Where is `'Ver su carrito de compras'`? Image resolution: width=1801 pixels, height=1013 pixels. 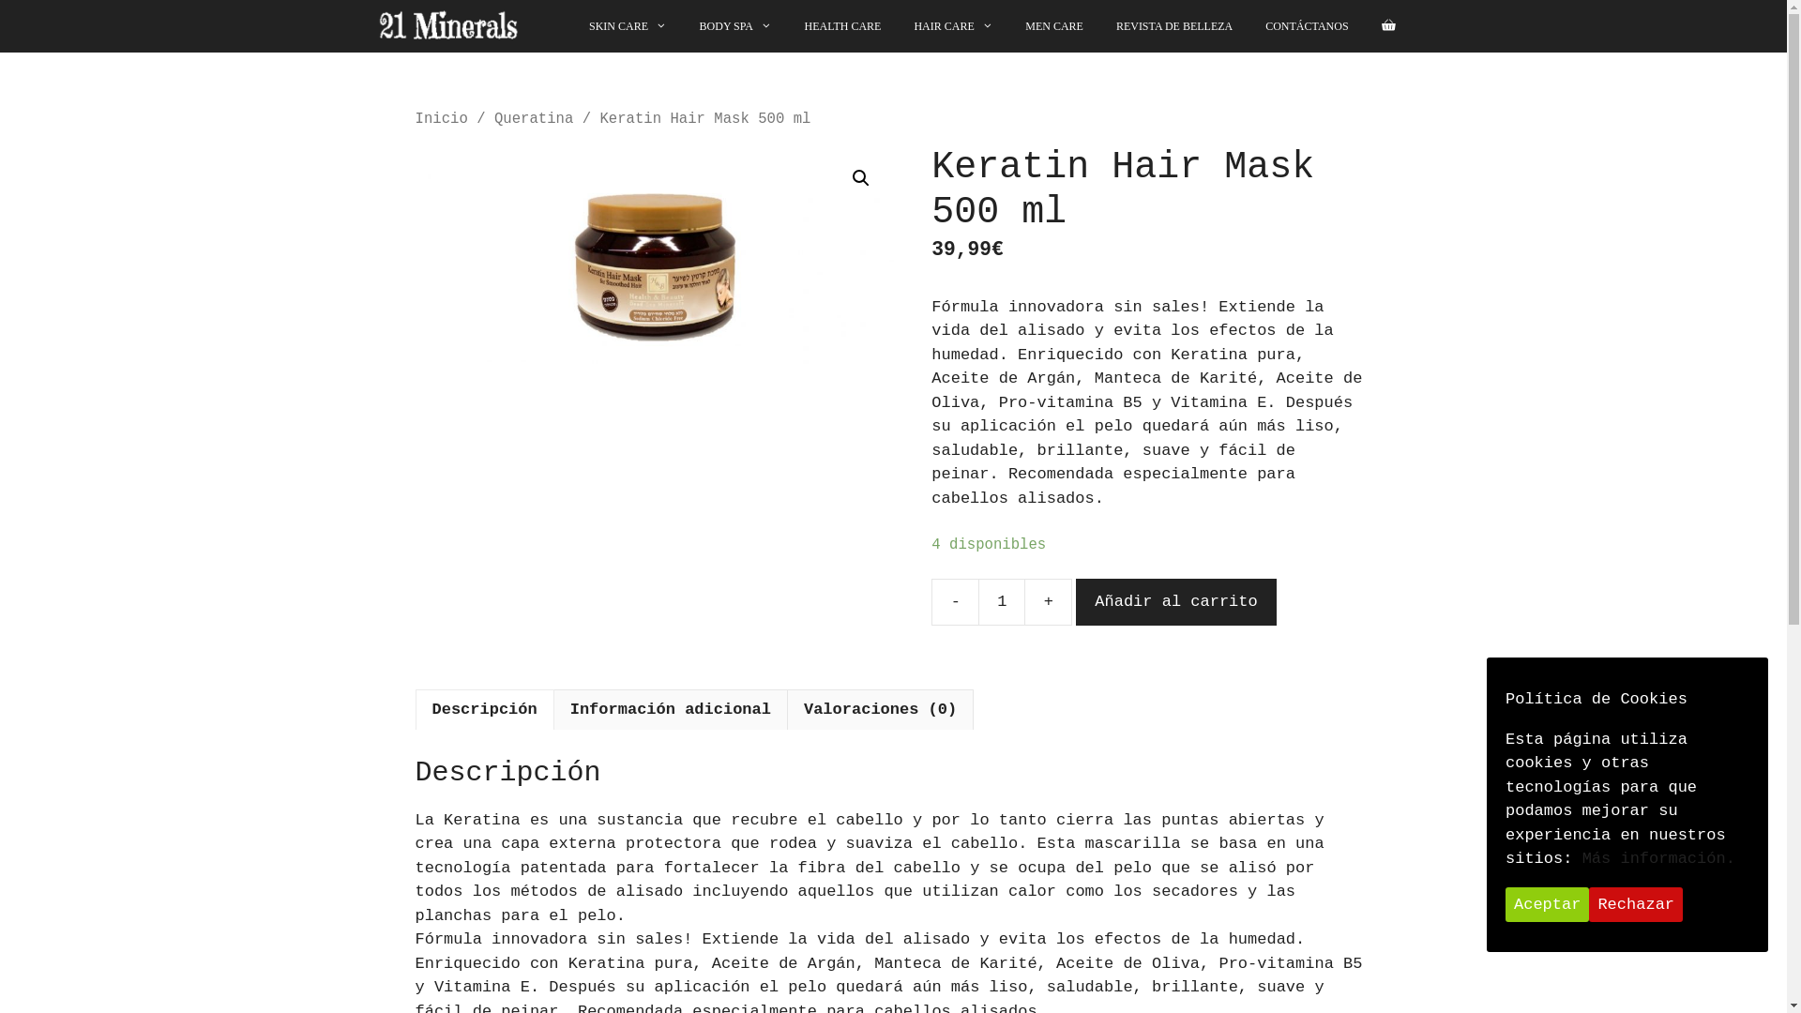 'Ver su carrito de compras' is located at coordinates (1368, 25).